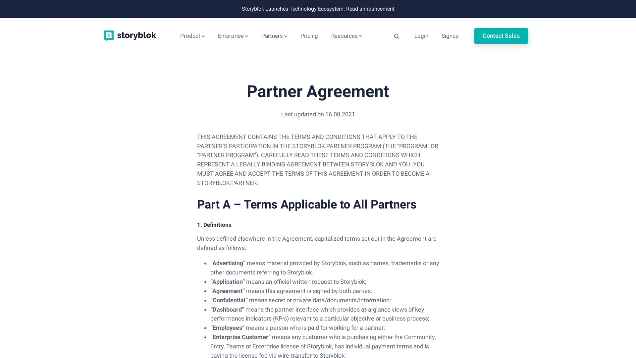 This screenshot has width=636, height=358. Describe the element at coordinates (346, 36) in the screenshot. I see `Resources` at that location.